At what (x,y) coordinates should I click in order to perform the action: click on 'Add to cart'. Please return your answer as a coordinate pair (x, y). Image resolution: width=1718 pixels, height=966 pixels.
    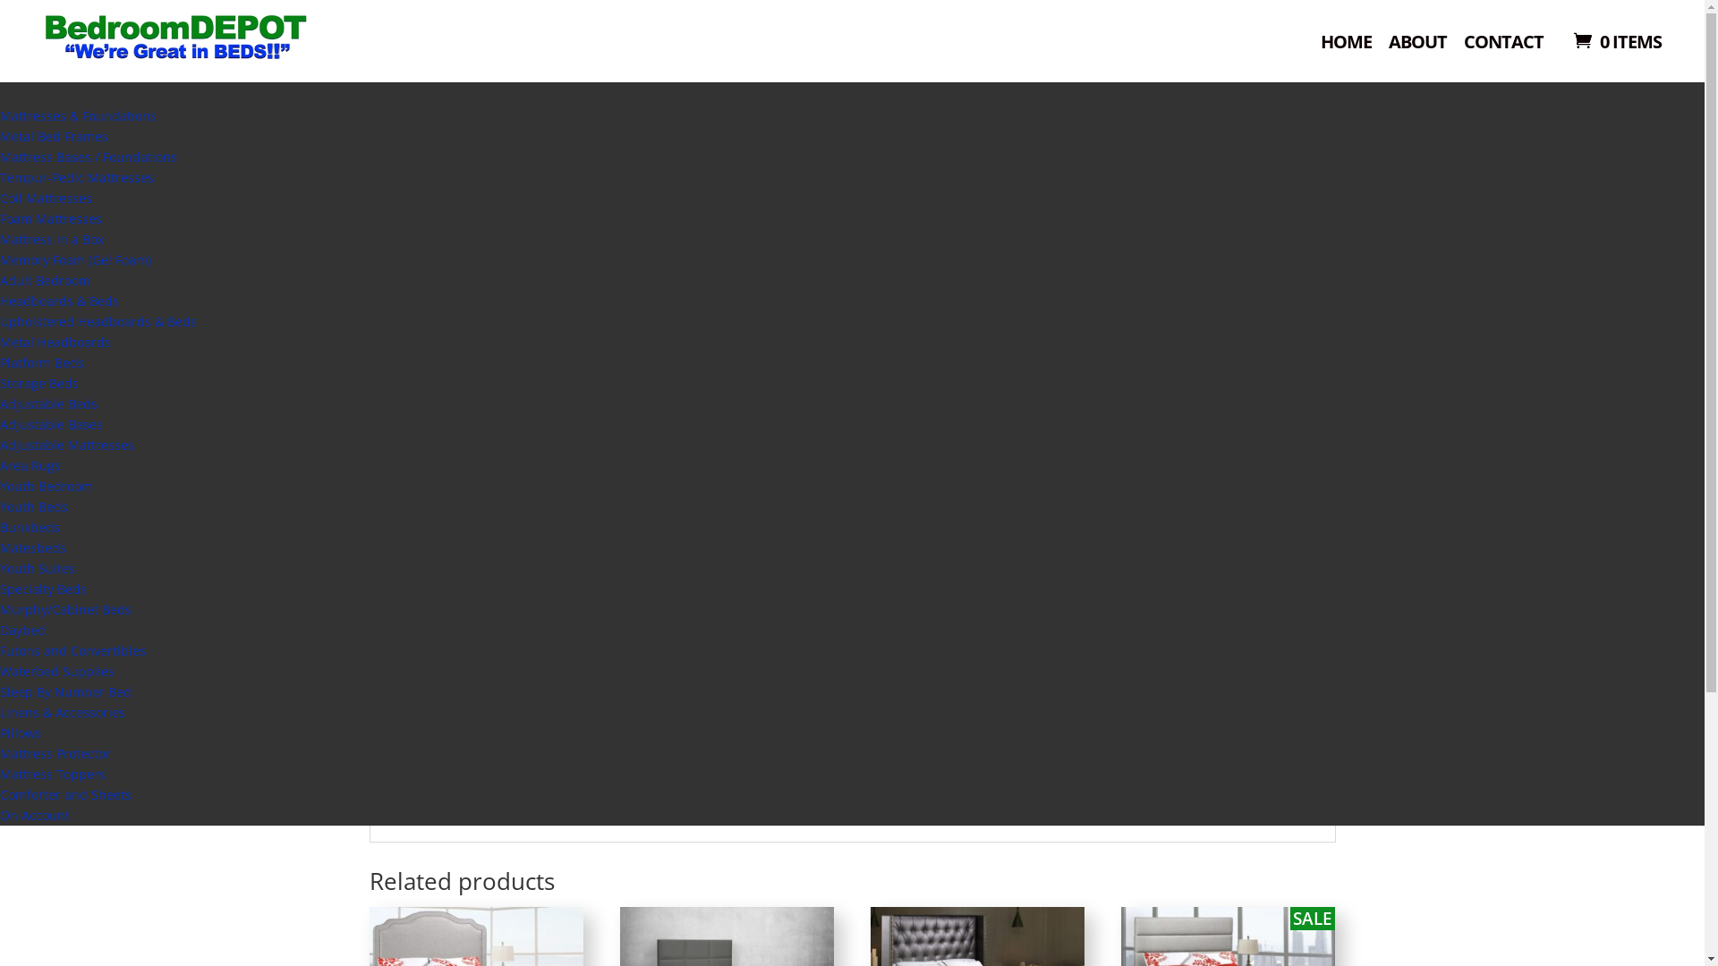
    Looking at the image, I should click on (1008, 427).